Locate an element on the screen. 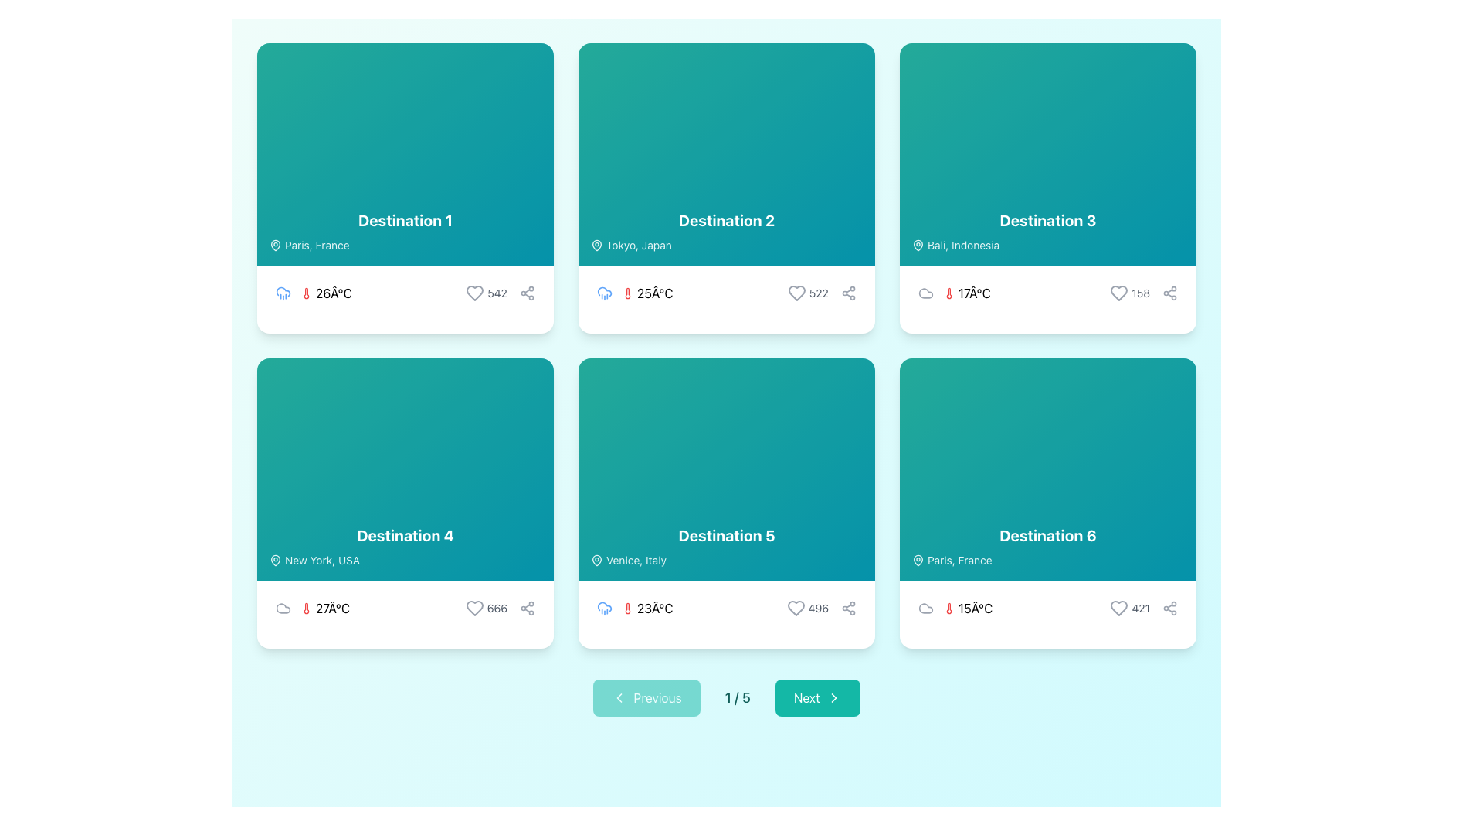 This screenshot has height=834, width=1483. the text label reading 'Paris, France' which is located on the sixth destination card in a 3x2 grid layout, positioned near the top-left corner of the card and following a map pin icon is located at coordinates (316, 244).